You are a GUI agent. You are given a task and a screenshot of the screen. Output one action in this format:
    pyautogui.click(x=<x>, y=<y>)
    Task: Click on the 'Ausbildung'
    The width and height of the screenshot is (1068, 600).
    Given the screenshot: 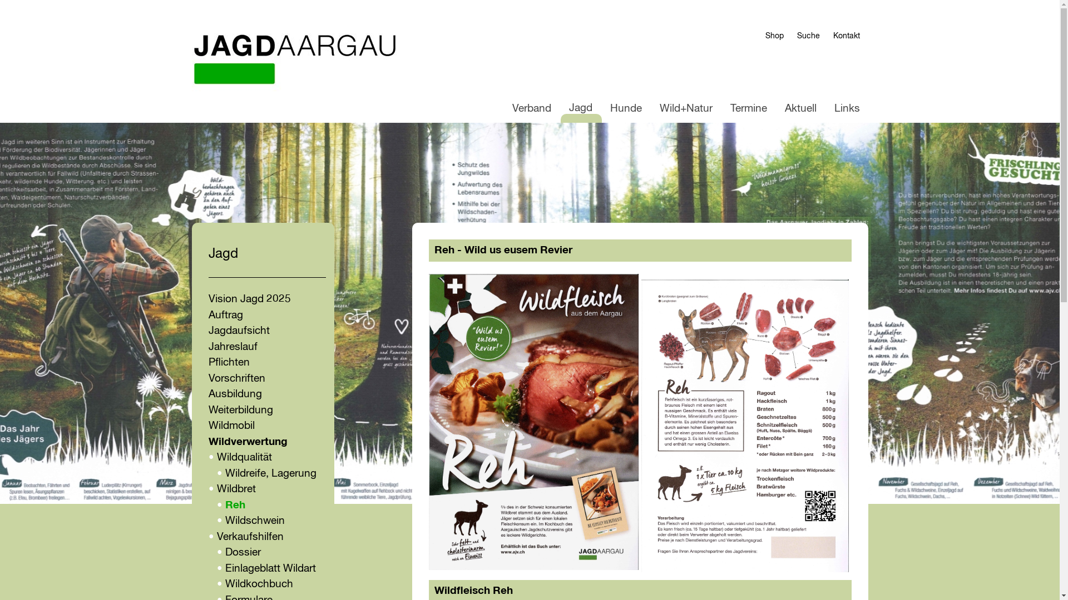 What is the action you would take?
    pyautogui.click(x=234, y=393)
    